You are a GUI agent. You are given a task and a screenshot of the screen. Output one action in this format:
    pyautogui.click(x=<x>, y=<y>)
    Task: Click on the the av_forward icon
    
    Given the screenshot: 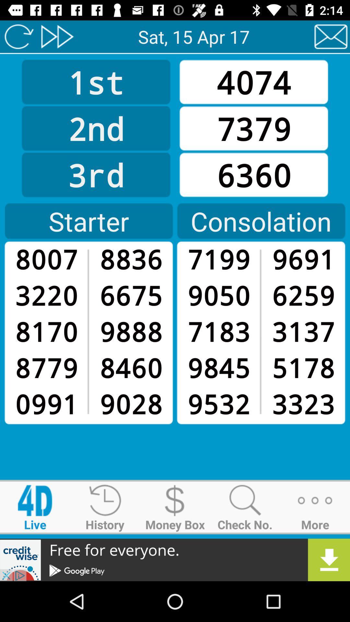 What is the action you would take?
    pyautogui.click(x=57, y=36)
    